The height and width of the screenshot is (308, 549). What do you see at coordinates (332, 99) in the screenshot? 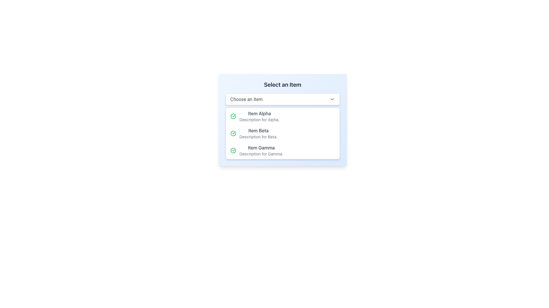
I see `the dropdown menu icon located at the far-right corner of the 'Choose an item' dropdown selection field` at bounding box center [332, 99].